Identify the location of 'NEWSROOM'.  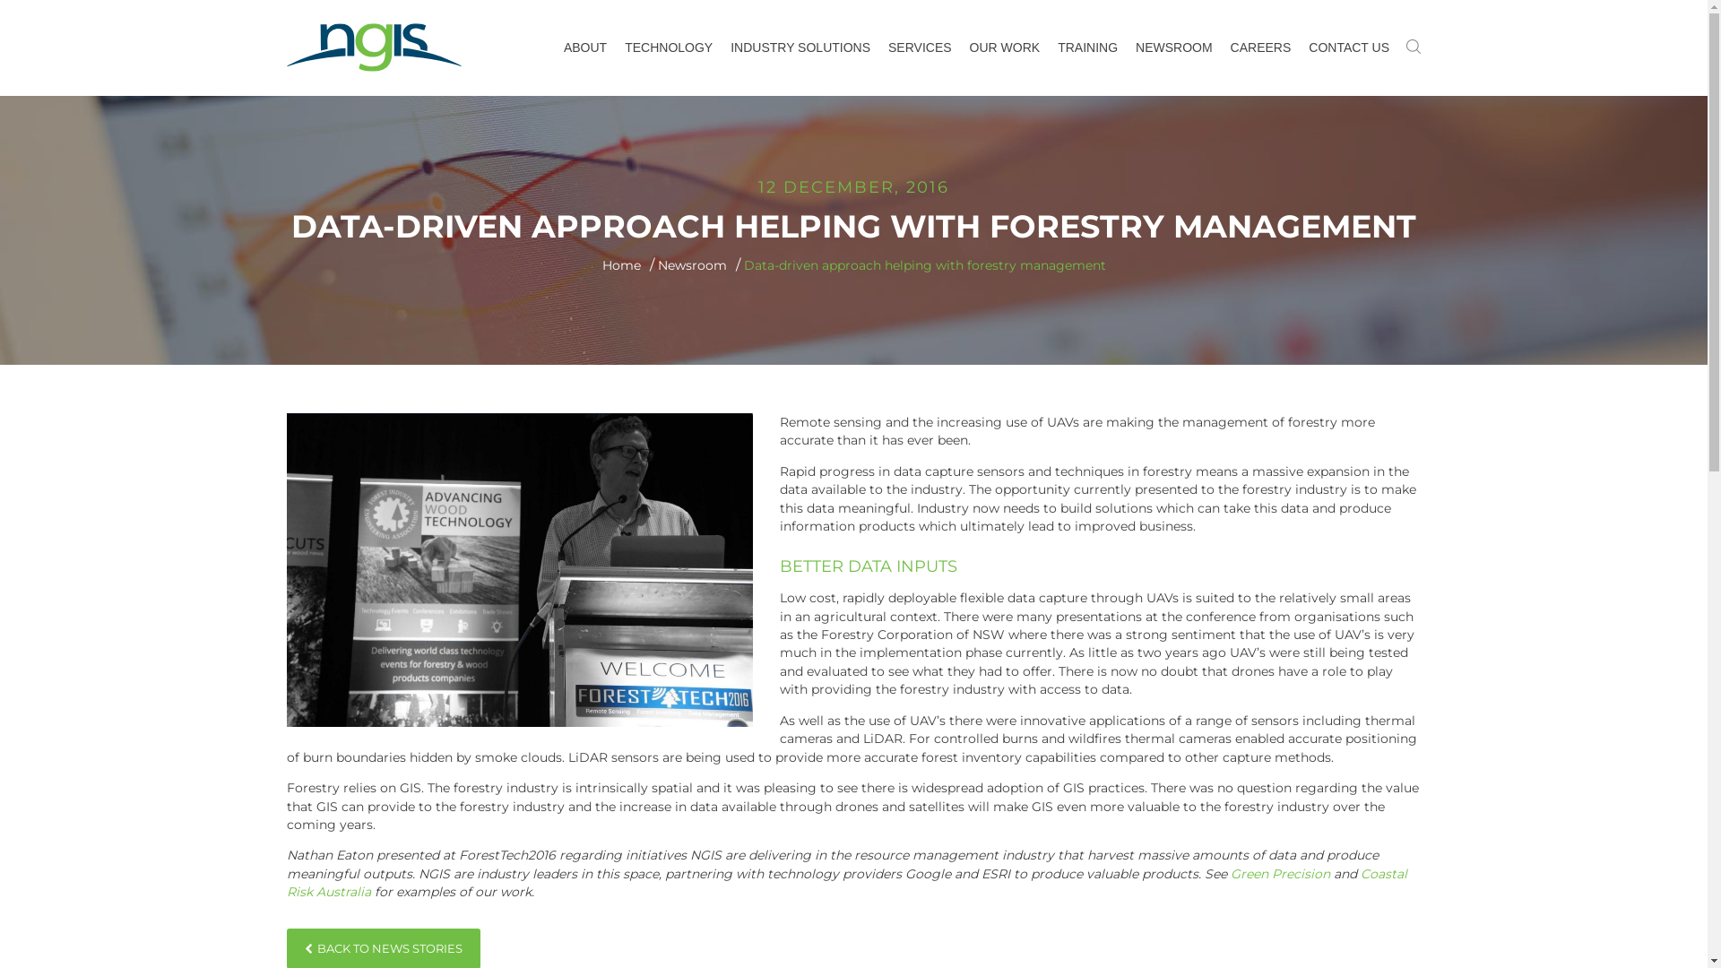
(1174, 47).